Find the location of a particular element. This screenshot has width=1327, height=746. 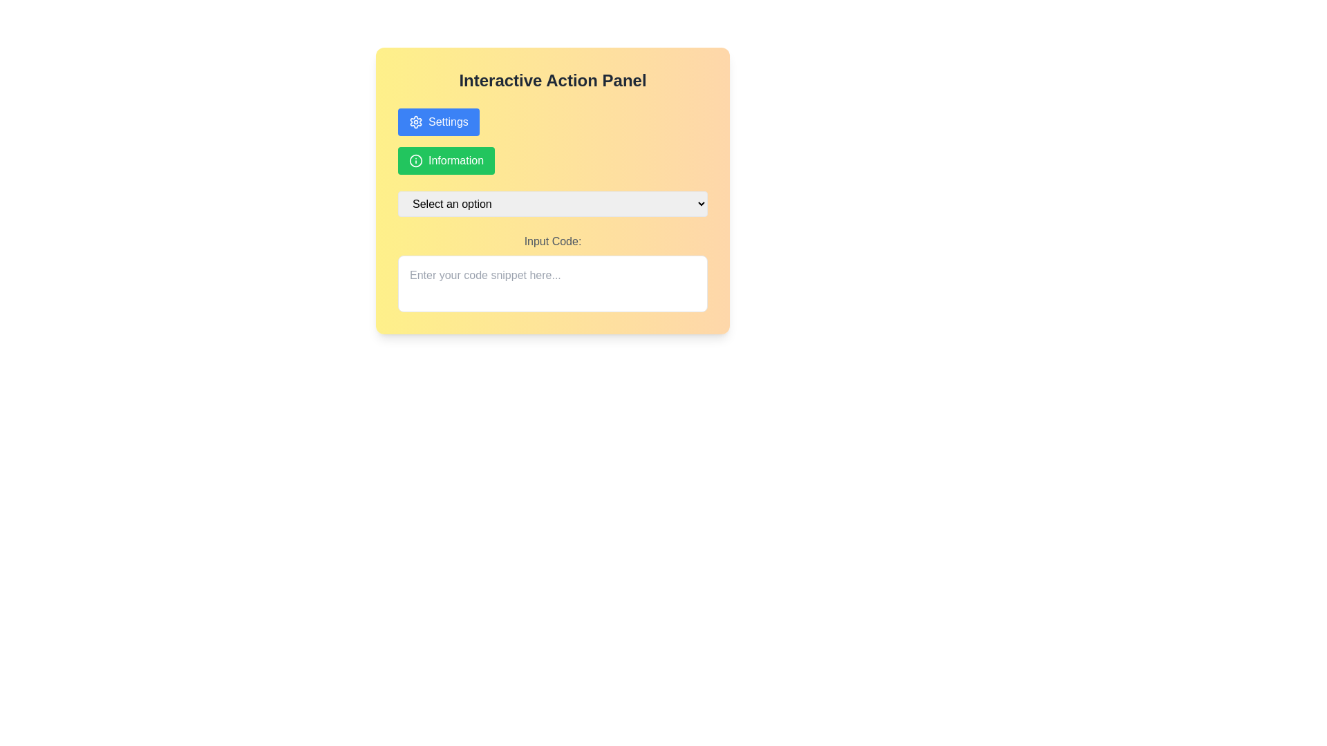

keyboard shortcuts is located at coordinates (553, 272).